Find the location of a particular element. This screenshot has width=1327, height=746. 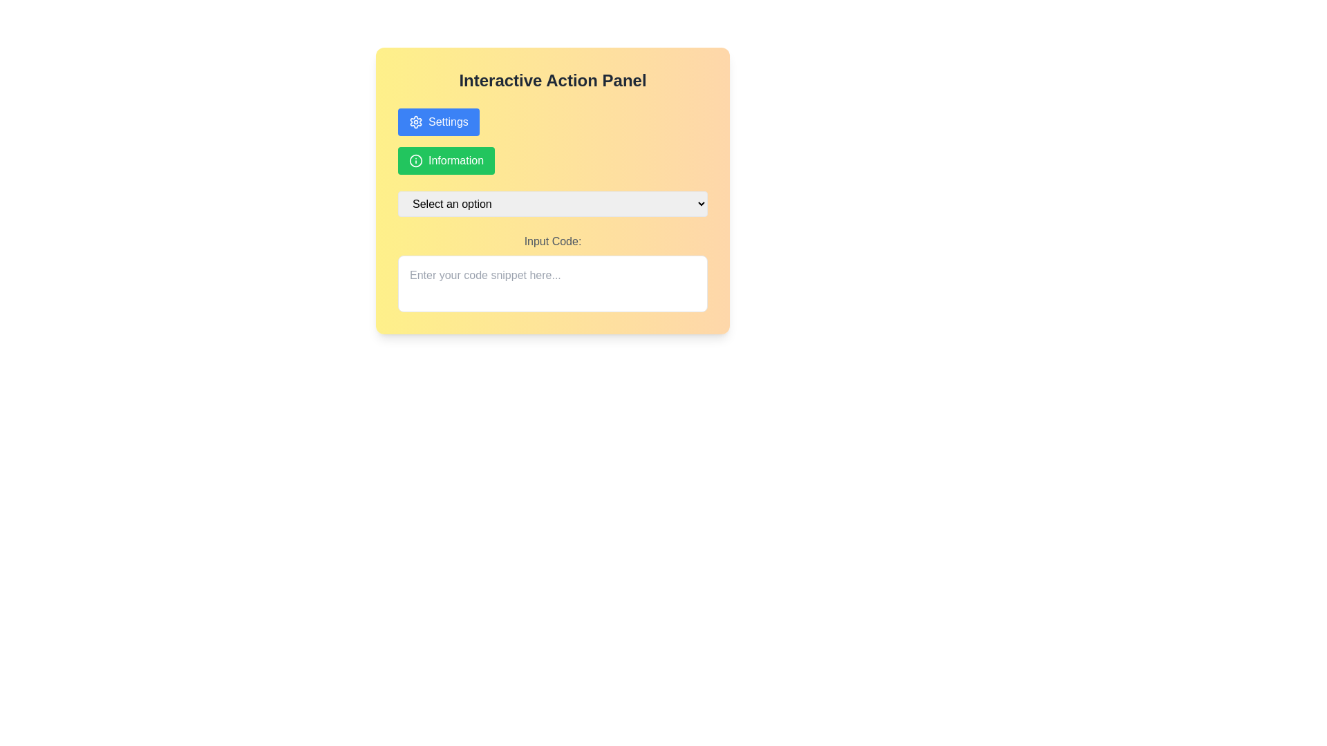

keyboard shortcuts is located at coordinates (553, 272).